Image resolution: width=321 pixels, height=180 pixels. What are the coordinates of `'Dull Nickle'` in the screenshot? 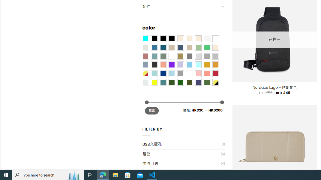 It's located at (145, 82).